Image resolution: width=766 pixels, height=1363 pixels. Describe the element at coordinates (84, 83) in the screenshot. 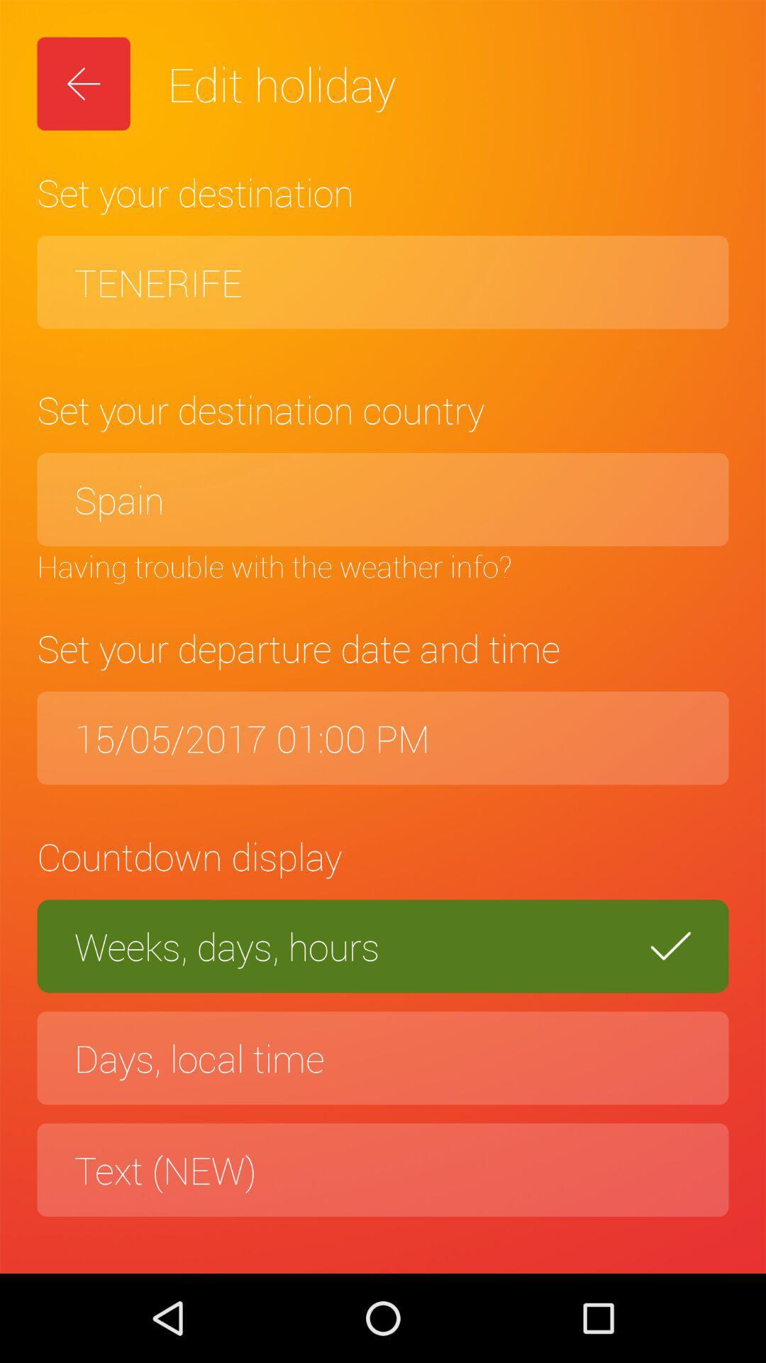

I see `the item next to the edit holiday icon` at that location.